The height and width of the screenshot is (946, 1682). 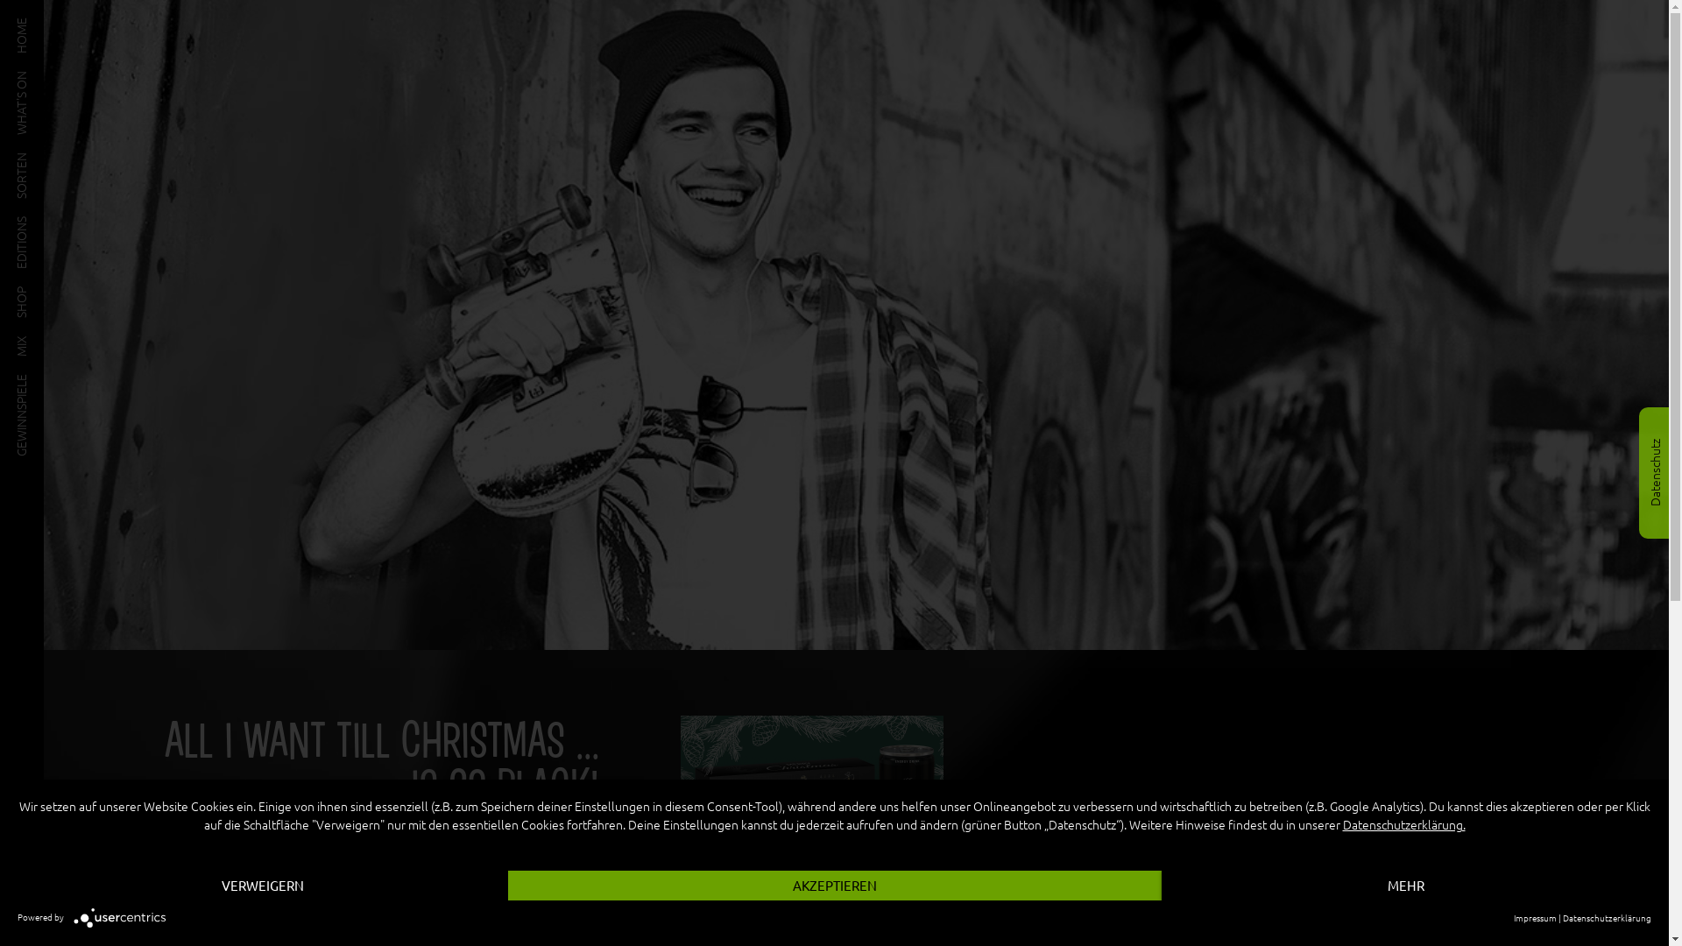 I want to click on 'MIX', so click(x=25, y=341).